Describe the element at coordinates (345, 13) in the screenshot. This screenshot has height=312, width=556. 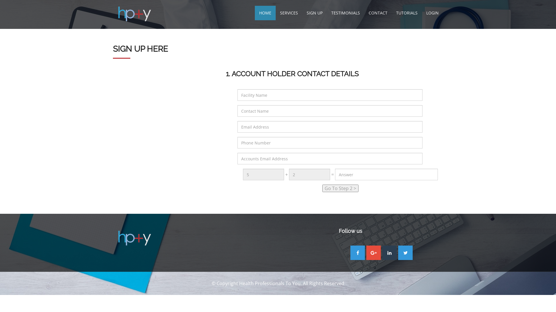
I see `'TESTIMONIALS'` at that location.